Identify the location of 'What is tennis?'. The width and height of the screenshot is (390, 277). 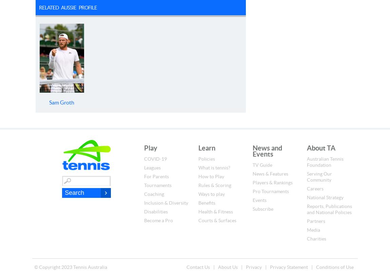
(214, 167).